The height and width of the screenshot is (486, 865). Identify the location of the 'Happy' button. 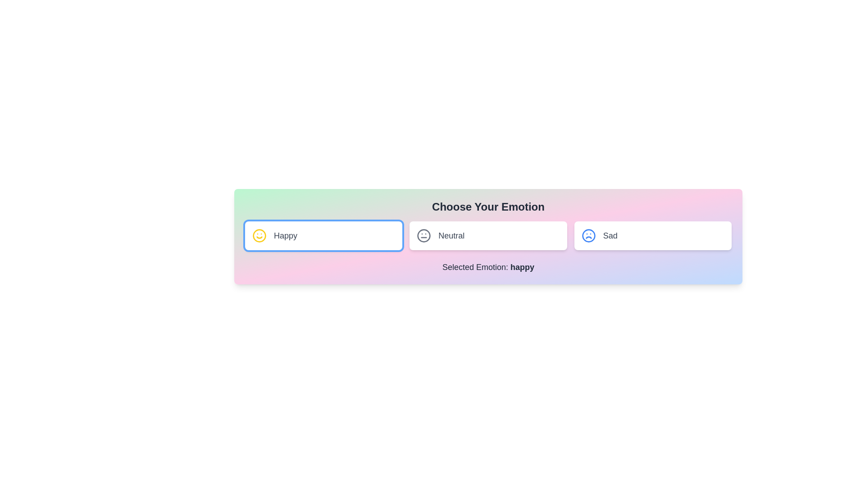
(323, 235).